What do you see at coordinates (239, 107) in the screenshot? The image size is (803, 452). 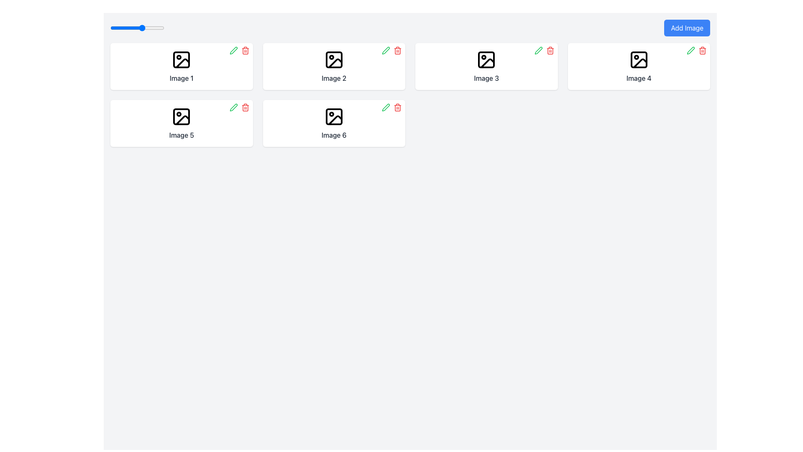 I see `the trash bin icon in the top right corner of the card titled 'Image 5'` at bounding box center [239, 107].